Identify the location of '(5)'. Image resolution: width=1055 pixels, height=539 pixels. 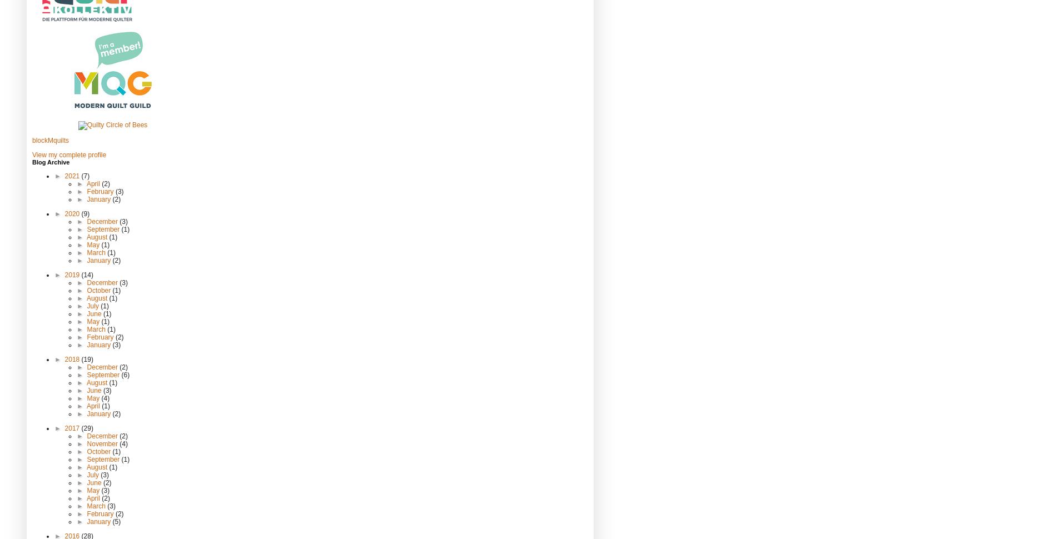
(116, 521).